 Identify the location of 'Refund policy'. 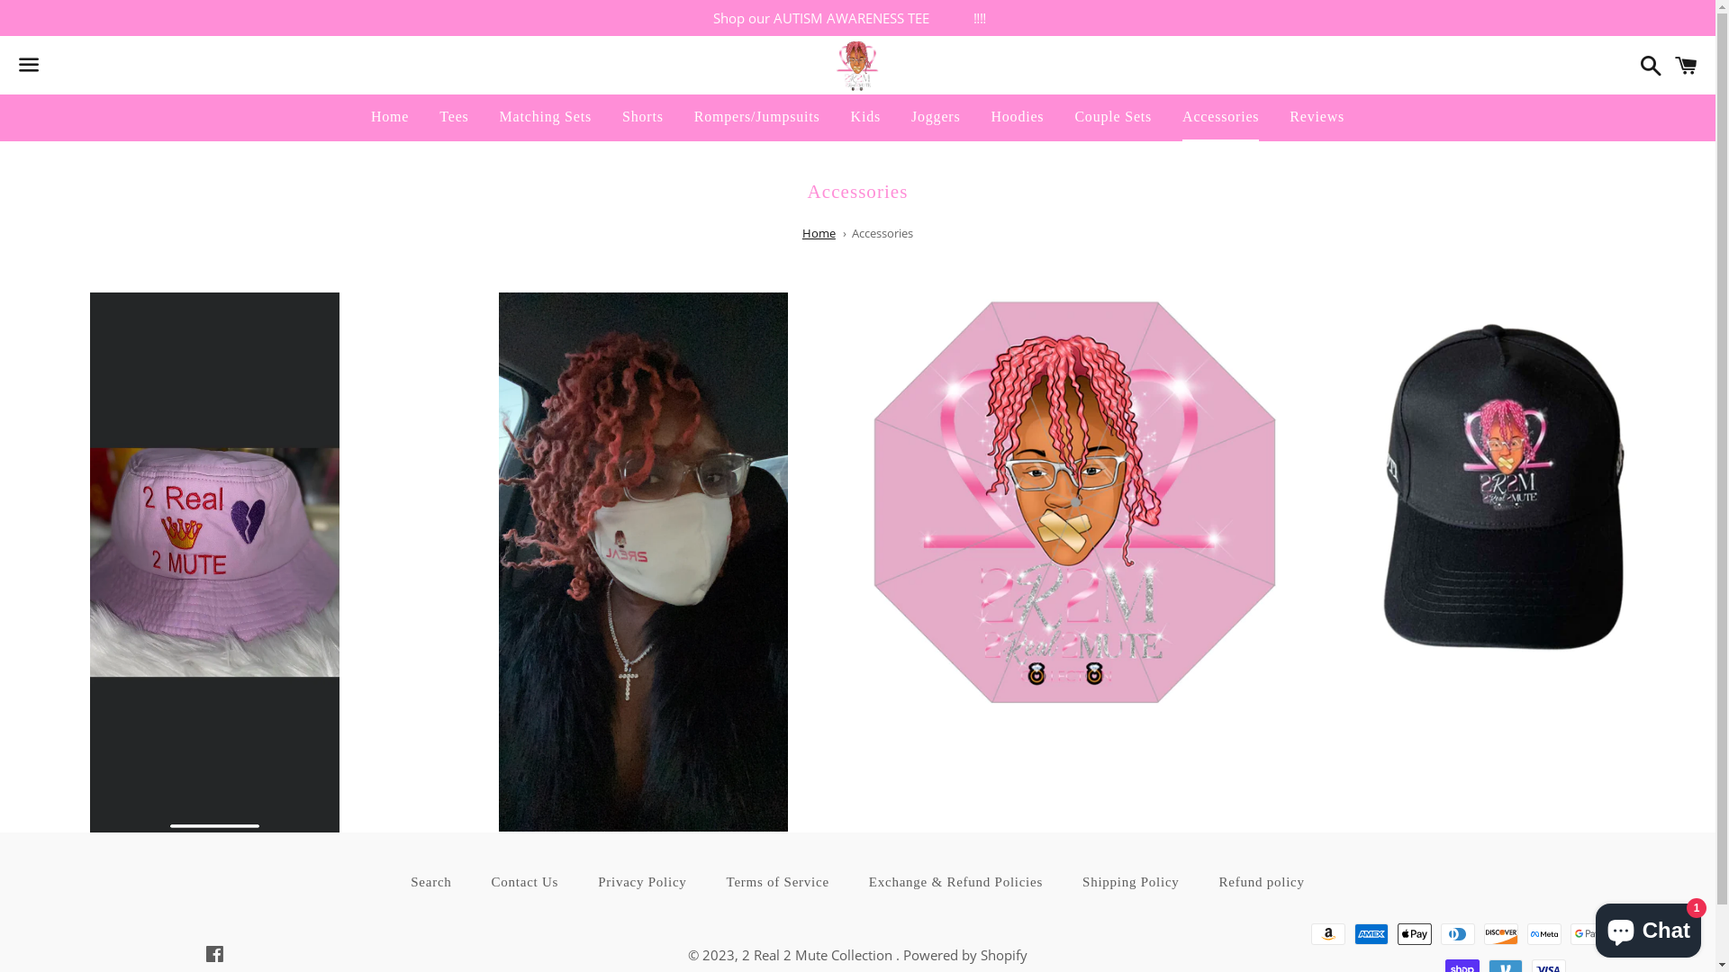
(1261, 881).